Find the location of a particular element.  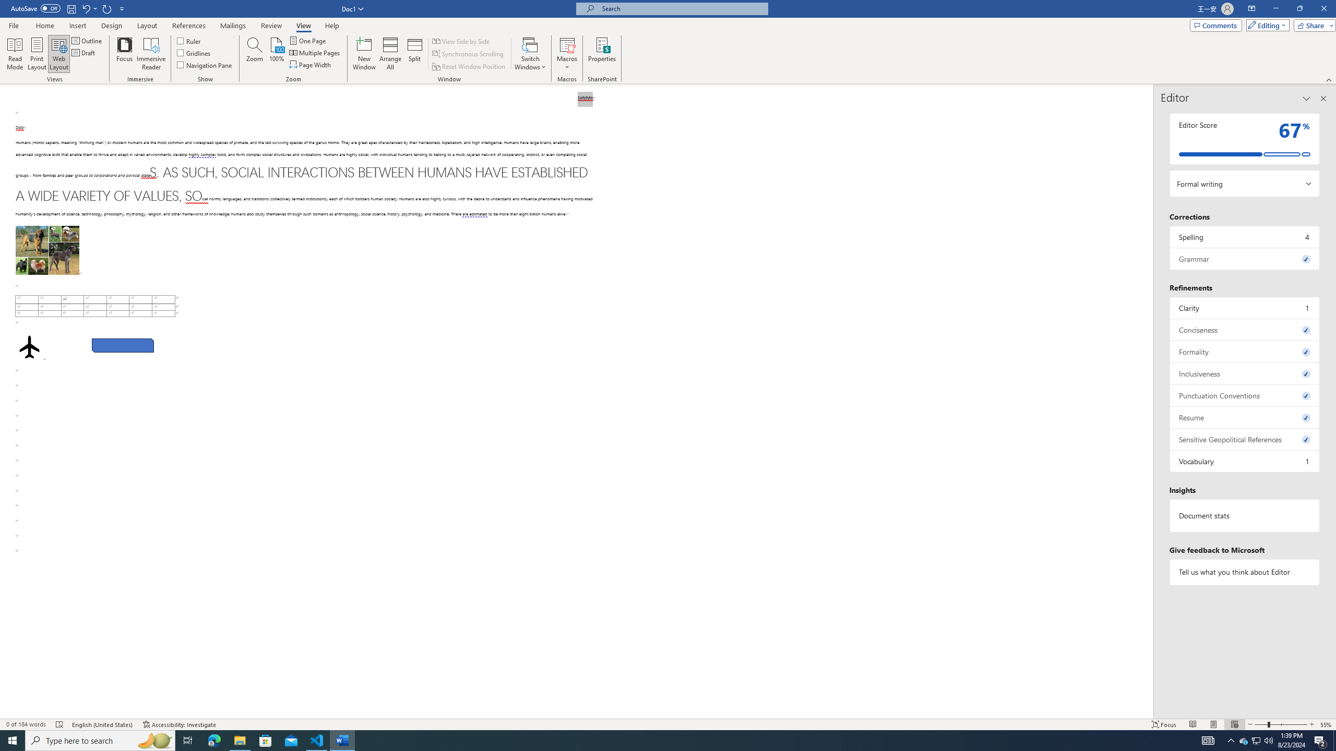

'Clarity, 1 issue. Press space or enter to review items.' is located at coordinates (1244, 307).